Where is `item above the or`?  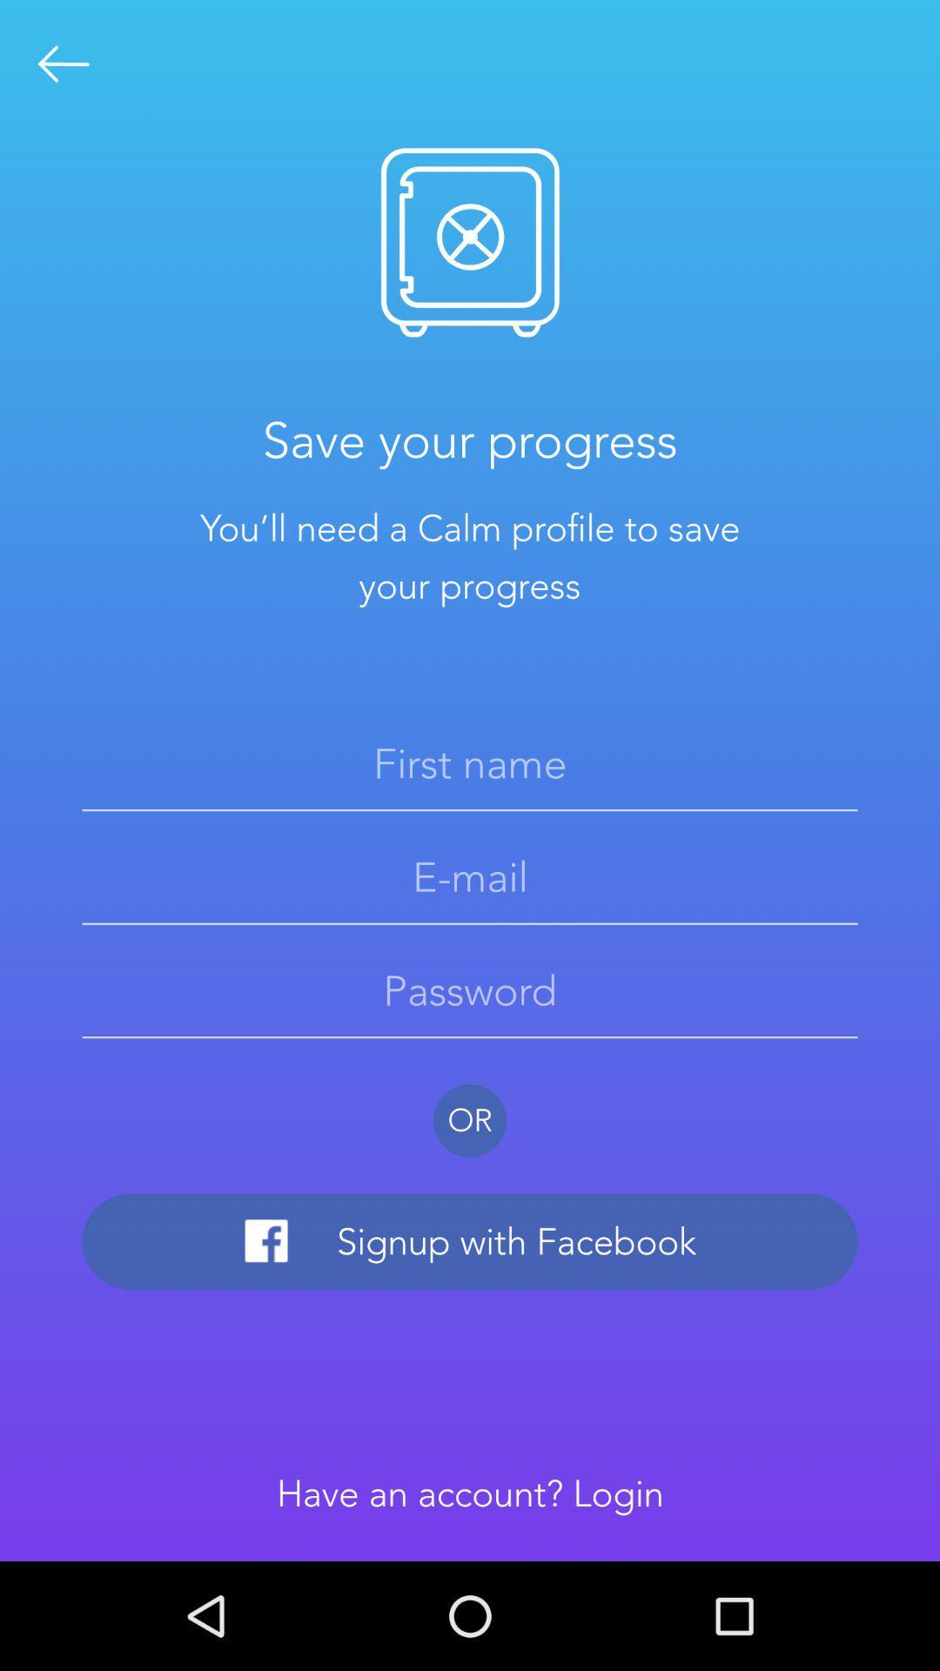
item above the or is located at coordinates (470, 990).